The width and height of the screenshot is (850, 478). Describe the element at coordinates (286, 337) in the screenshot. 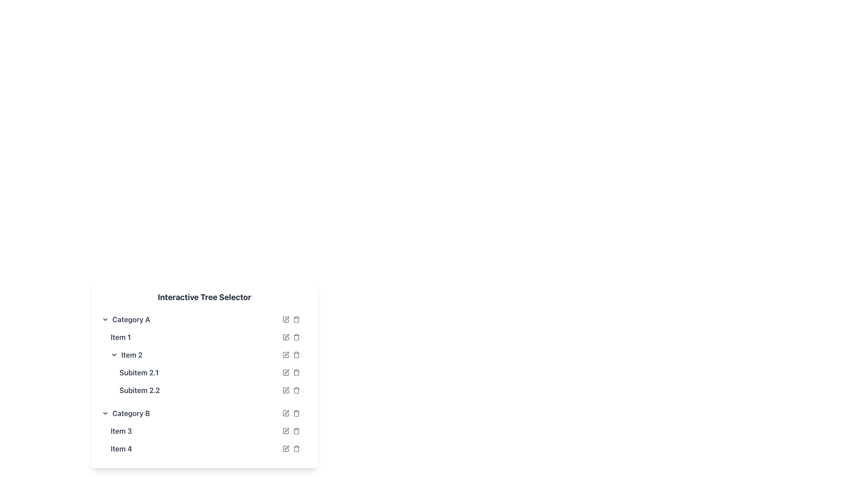

I see `the edit icon/button associated with 'Item 1' to observe the color change` at that location.